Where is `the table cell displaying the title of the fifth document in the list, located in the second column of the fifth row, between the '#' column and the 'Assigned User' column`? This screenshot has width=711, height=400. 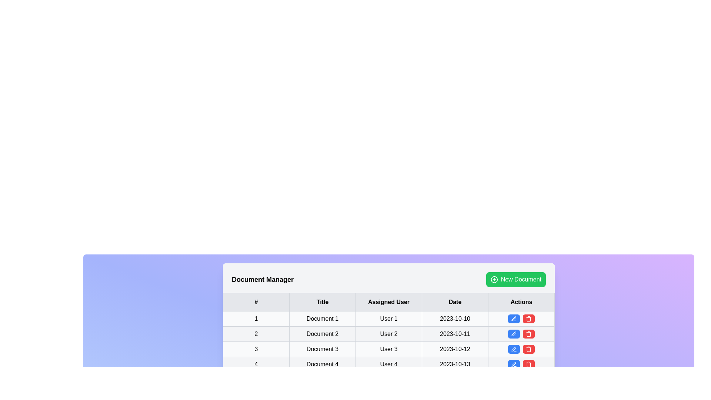
the table cell displaying the title of the fifth document in the list, located in the second column of the fifth row, between the '#' column and the 'Assigned User' column is located at coordinates (322, 380).